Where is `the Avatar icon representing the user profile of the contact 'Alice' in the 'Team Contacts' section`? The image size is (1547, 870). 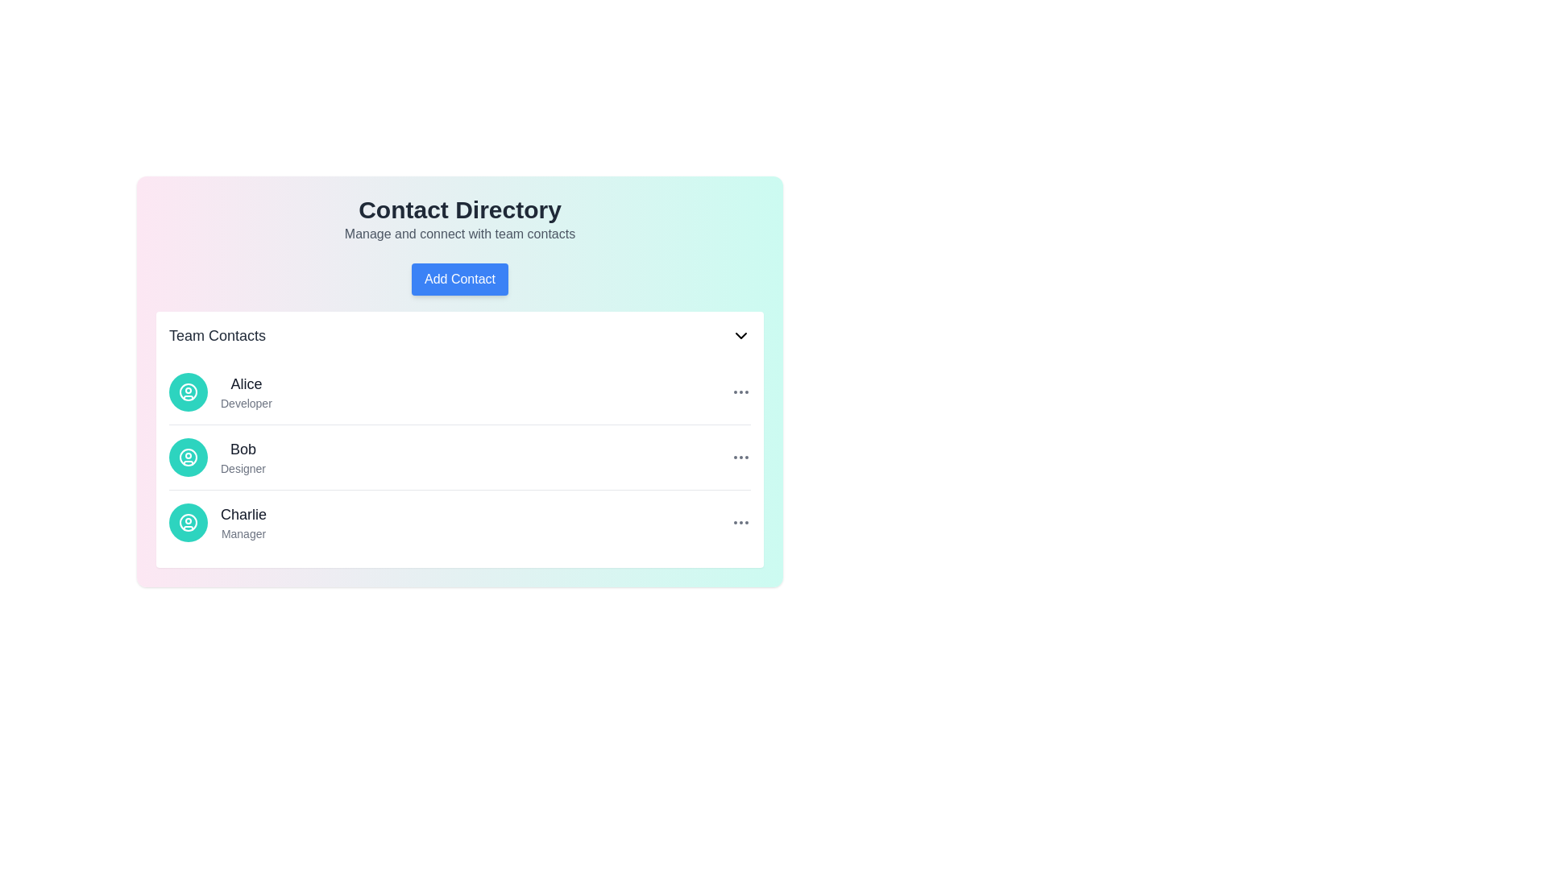 the Avatar icon representing the user profile of the contact 'Alice' in the 'Team Contacts' section is located at coordinates (189, 391).